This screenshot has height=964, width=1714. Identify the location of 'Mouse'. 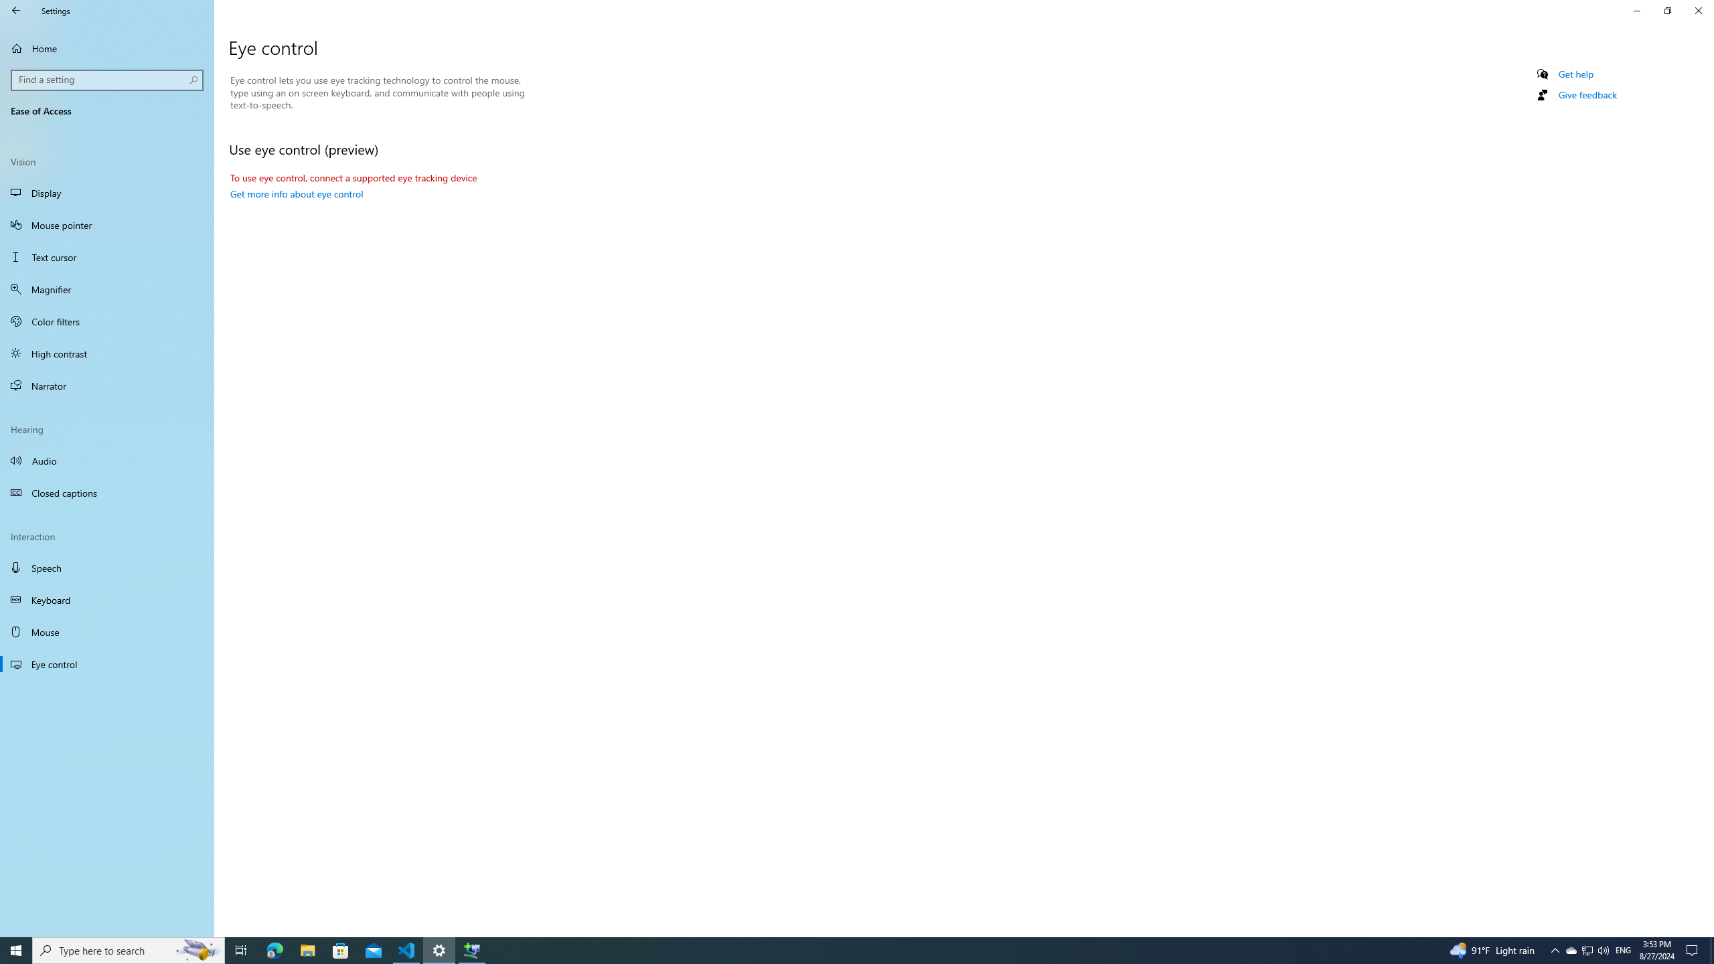
(106, 631).